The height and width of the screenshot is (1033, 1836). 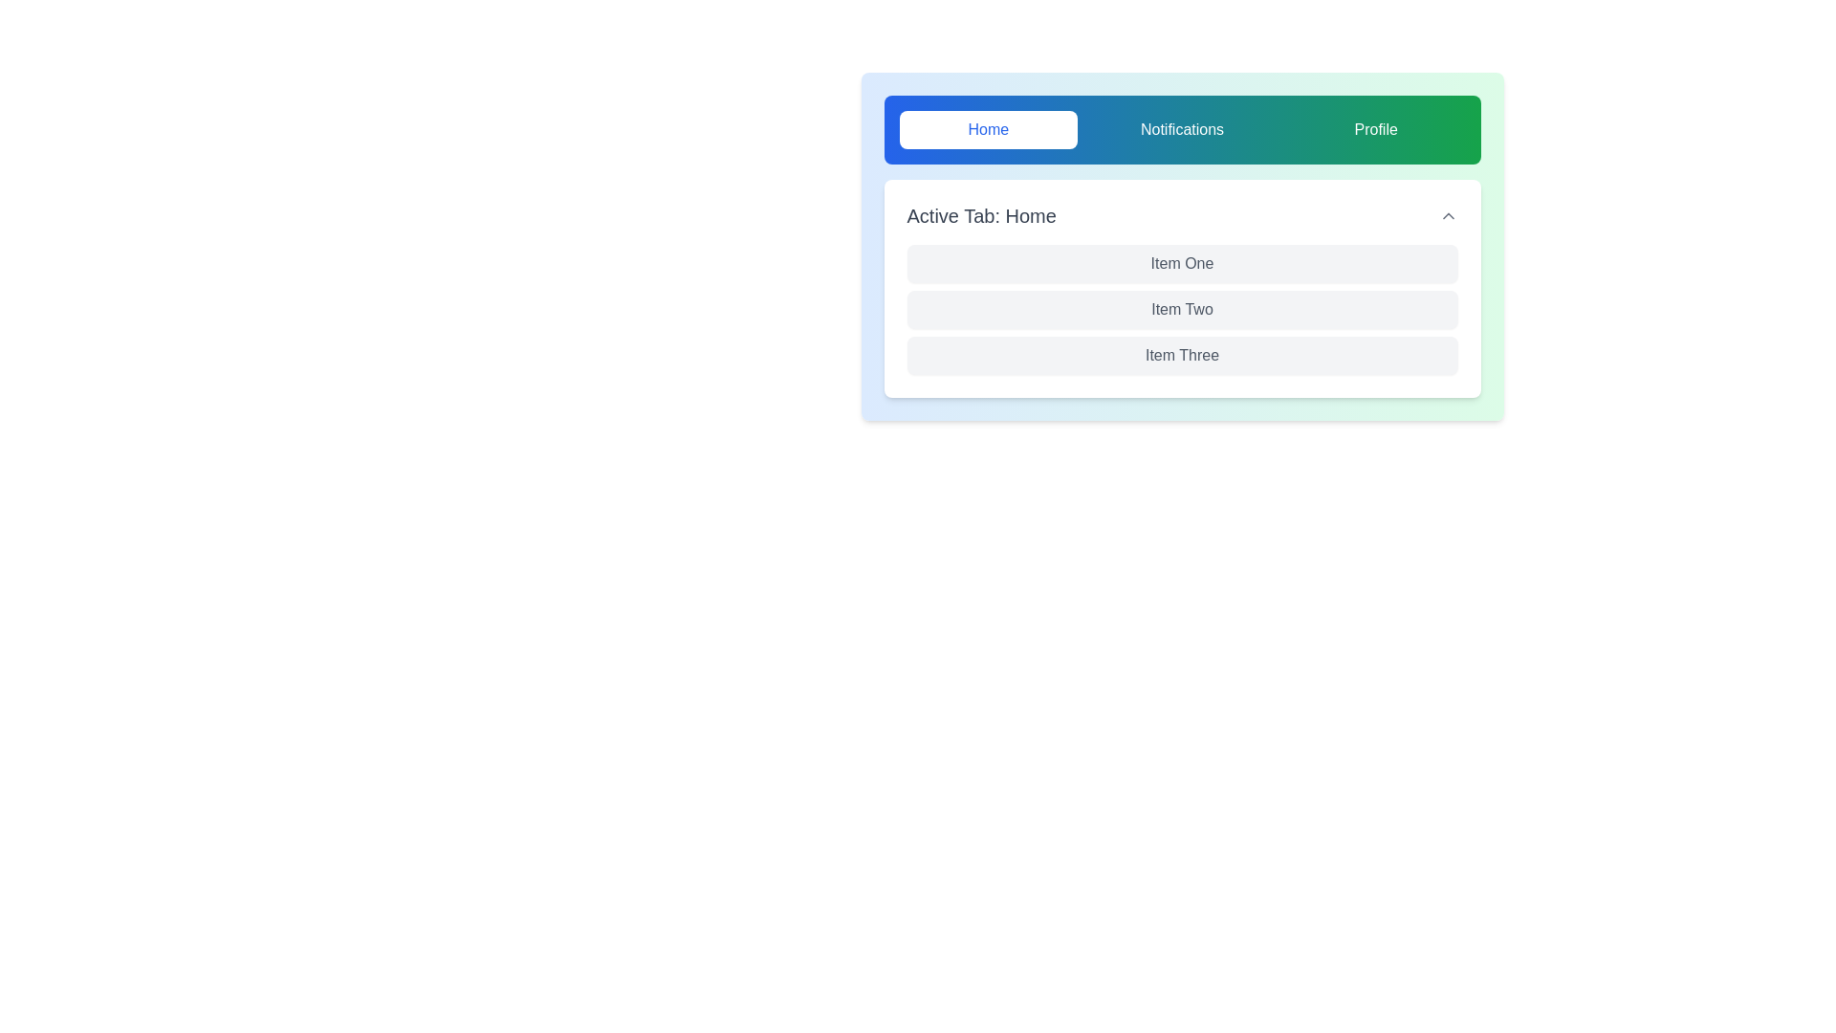 I want to click on the 'Notifications' button, which is the second button in the horizontal navigation bar, so click(x=1181, y=129).